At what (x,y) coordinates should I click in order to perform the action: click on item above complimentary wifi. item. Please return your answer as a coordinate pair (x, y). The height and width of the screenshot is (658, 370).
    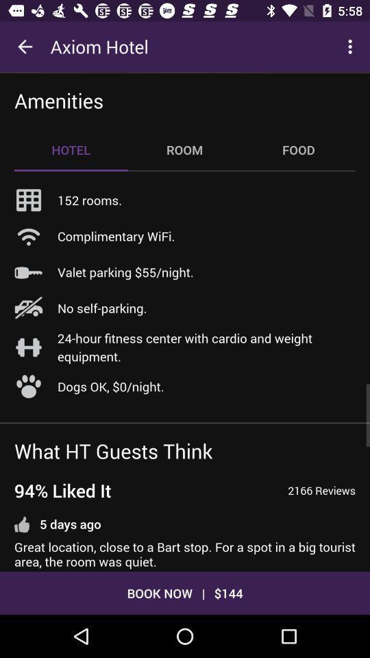
    Looking at the image, I should click on (90, 199).